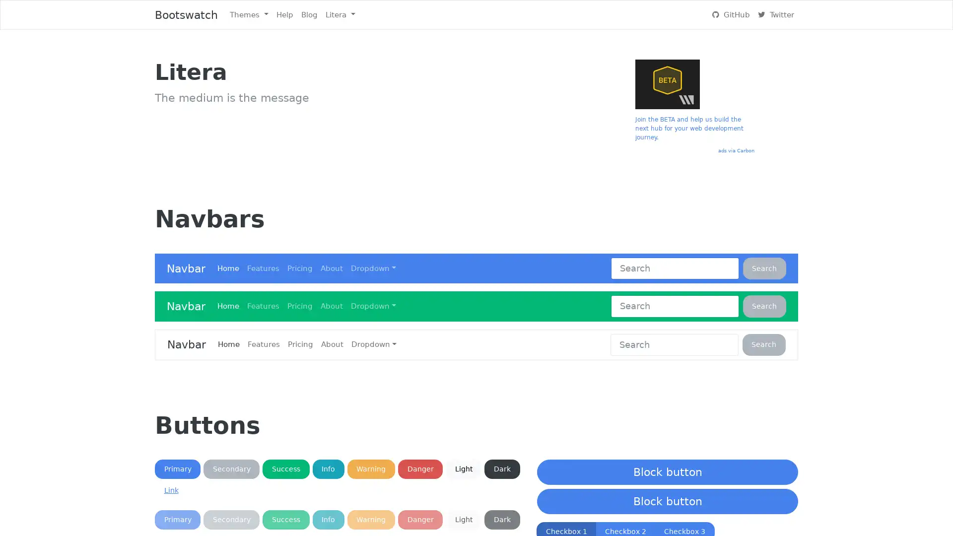 This screenshot has width=953, height=536. Describe the element at coordinates (285, 469) in the screenshot. I see `Success` at that location.